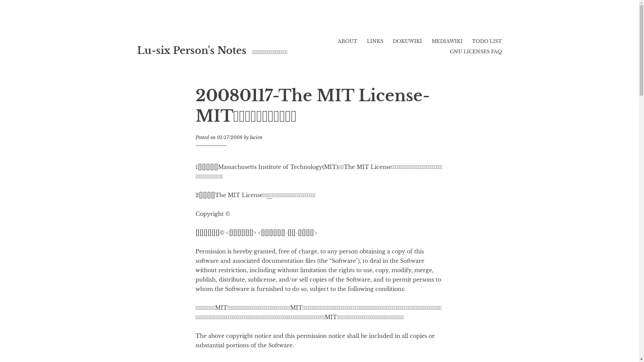  What do you see at coordinates (375, 41) in the screenshot?
I see `'LINKS'` at bounding box center [375, 41].